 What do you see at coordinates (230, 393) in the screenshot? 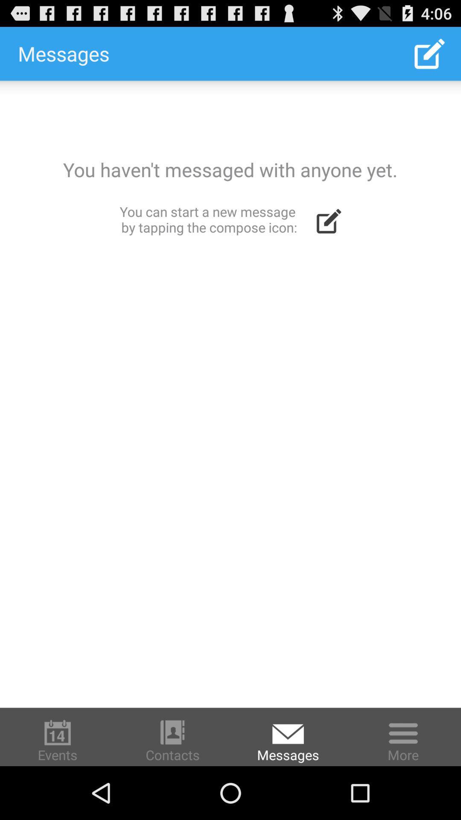
I see `write message` at bounding box center [230, 393].